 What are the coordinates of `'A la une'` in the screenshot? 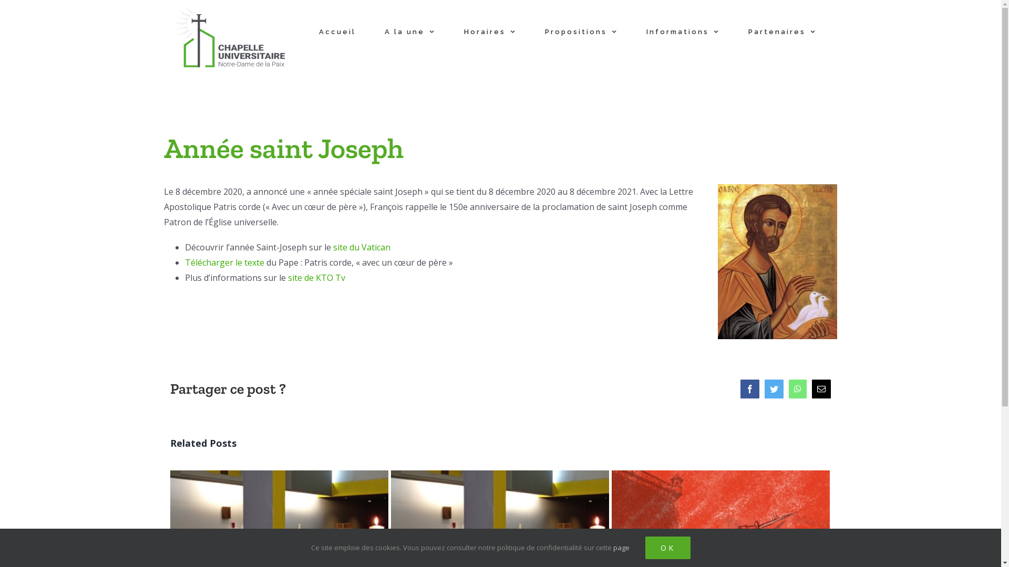 It's located at (408, 31).